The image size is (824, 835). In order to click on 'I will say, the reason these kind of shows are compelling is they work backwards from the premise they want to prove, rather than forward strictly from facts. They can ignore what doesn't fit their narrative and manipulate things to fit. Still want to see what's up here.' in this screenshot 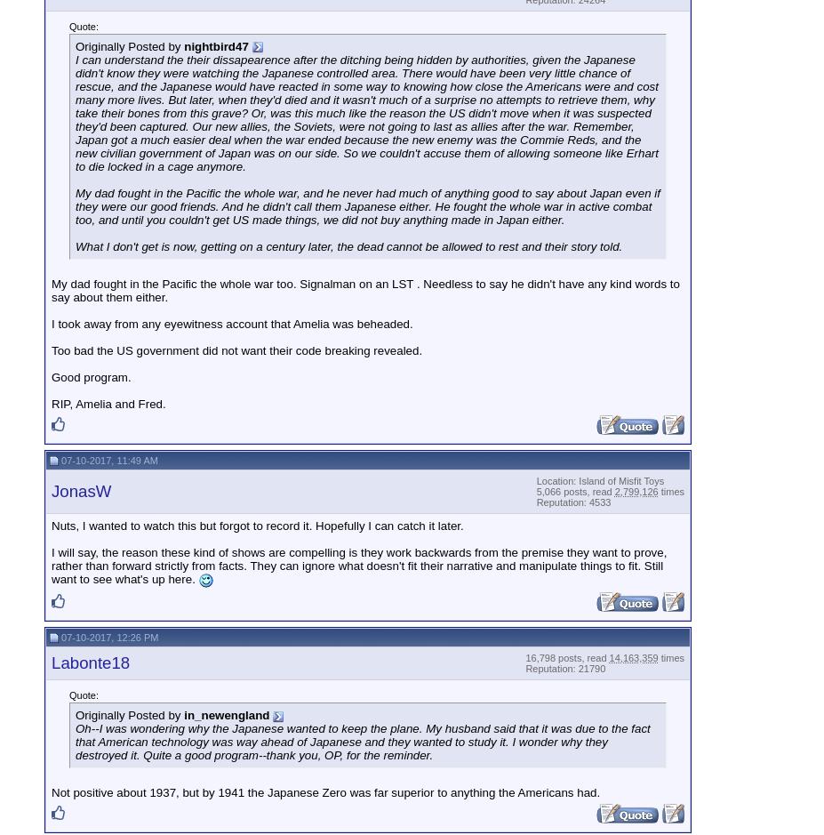, I will do `click(357, 565)`.